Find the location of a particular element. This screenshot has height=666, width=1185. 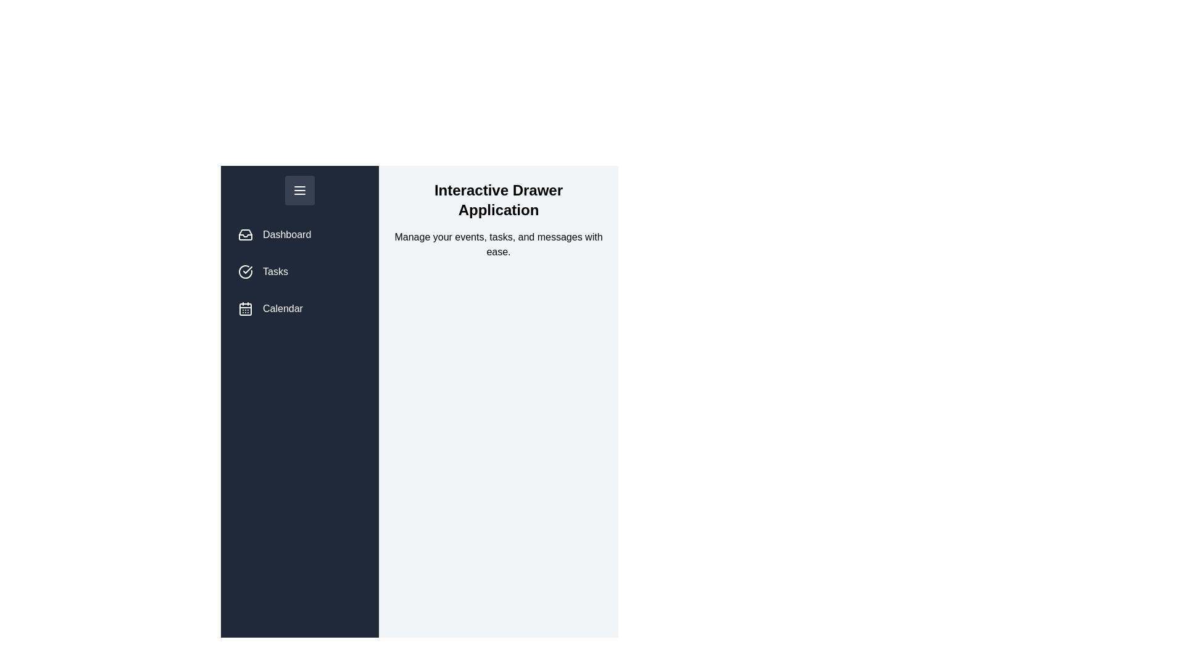

the 'Calendar' navigation item, which is the third item in the vertical sidebar is located at coordinates (299, 308).